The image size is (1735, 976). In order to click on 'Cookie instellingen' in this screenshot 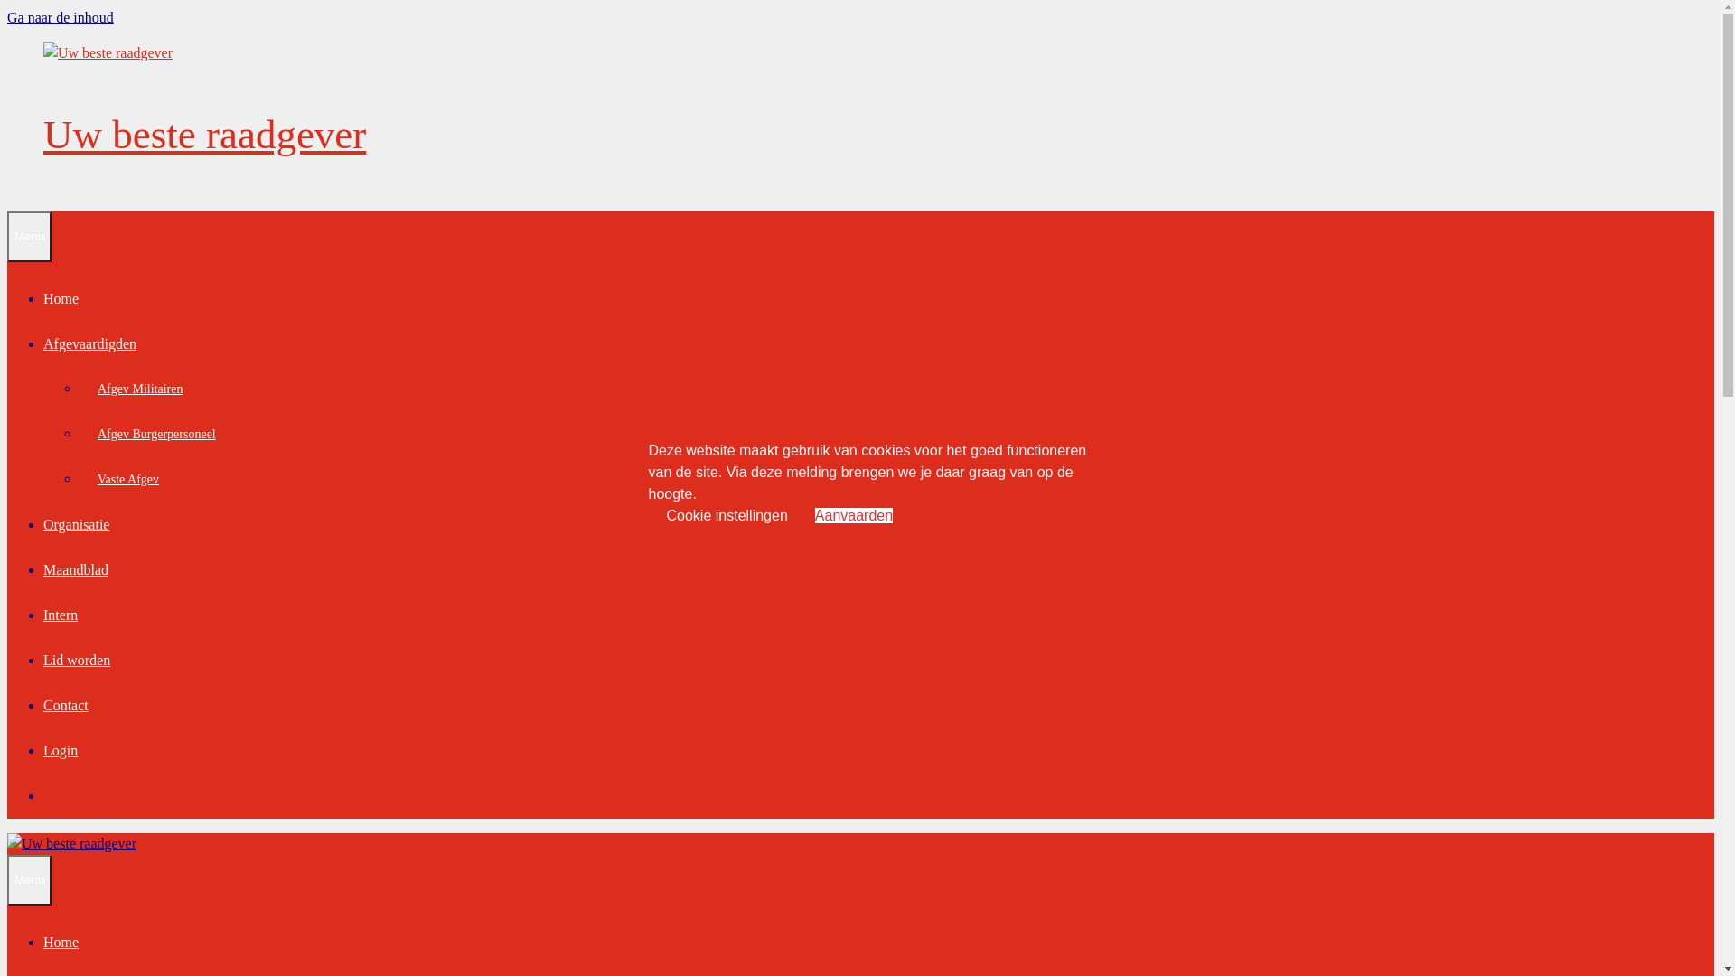, I will do `click(727, 515)`.